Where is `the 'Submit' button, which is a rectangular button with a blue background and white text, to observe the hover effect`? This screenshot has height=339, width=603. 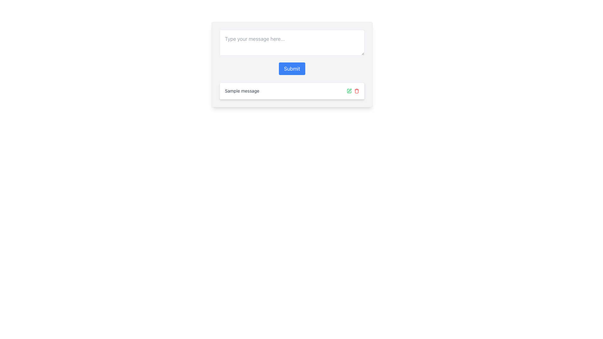 the 'Submit' button, which is a rectangular button with a blue background and white text, to observe the hover effect is located at coordinates (292, 69).